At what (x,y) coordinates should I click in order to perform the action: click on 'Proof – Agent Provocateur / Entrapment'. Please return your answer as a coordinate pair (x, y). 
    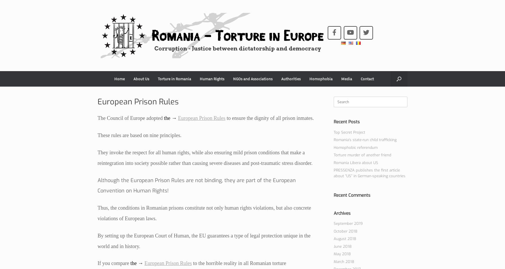
    Looking at the image, I should click on (215, 212).